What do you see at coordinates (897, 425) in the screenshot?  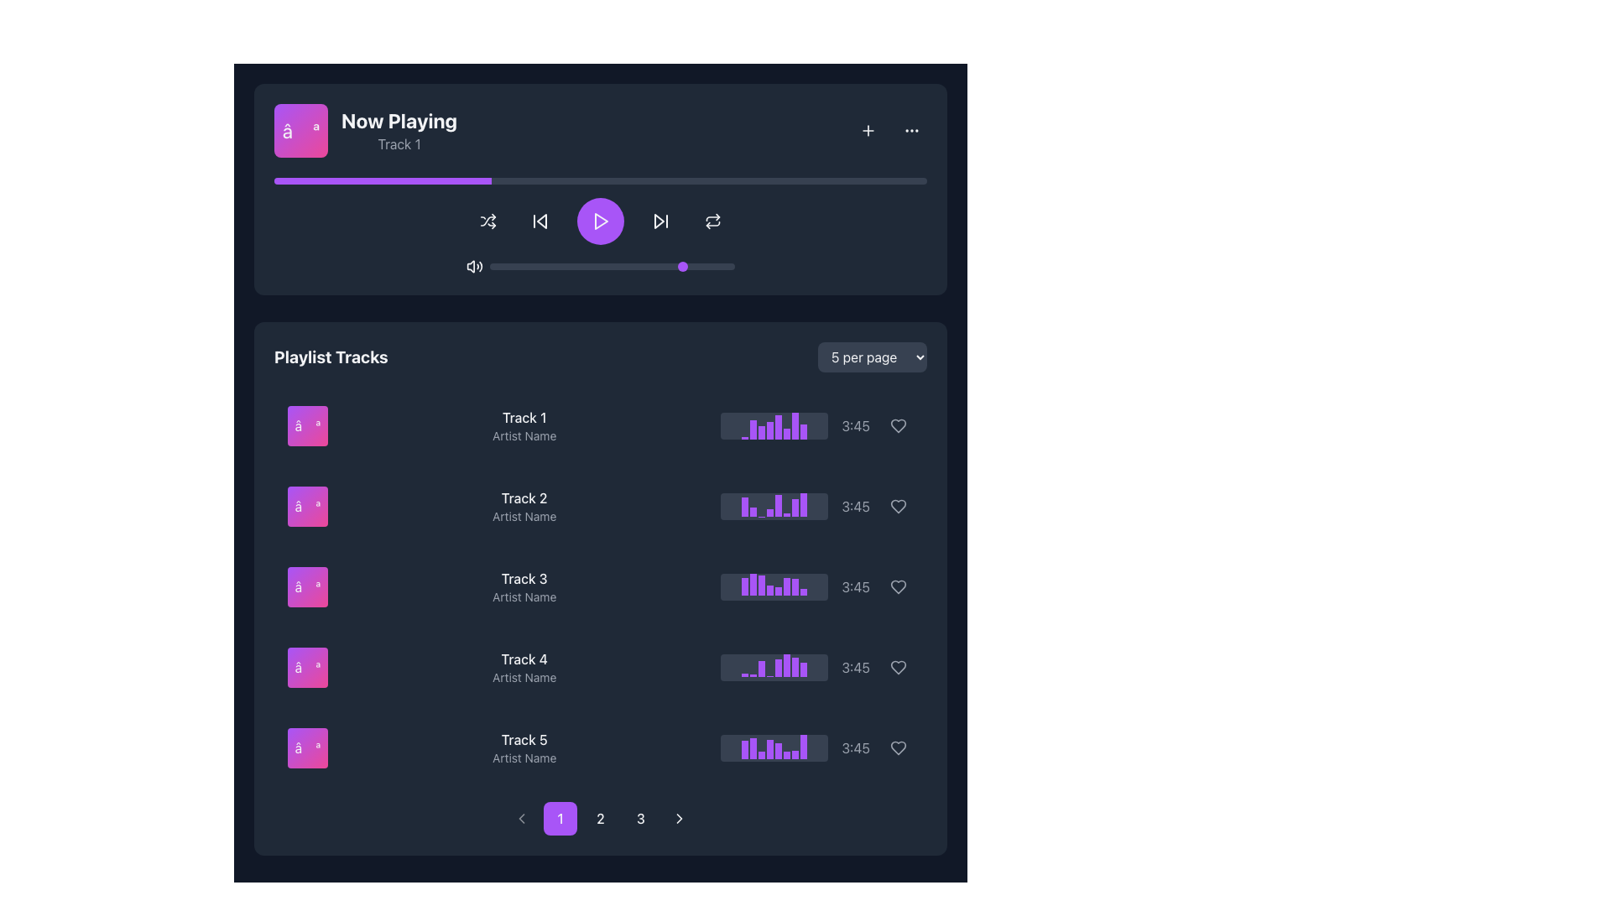 I see `the favorite icon button located on the far right side of the first playlist track row, next to the track duration '3:45'` at bounding box center [897, 425].